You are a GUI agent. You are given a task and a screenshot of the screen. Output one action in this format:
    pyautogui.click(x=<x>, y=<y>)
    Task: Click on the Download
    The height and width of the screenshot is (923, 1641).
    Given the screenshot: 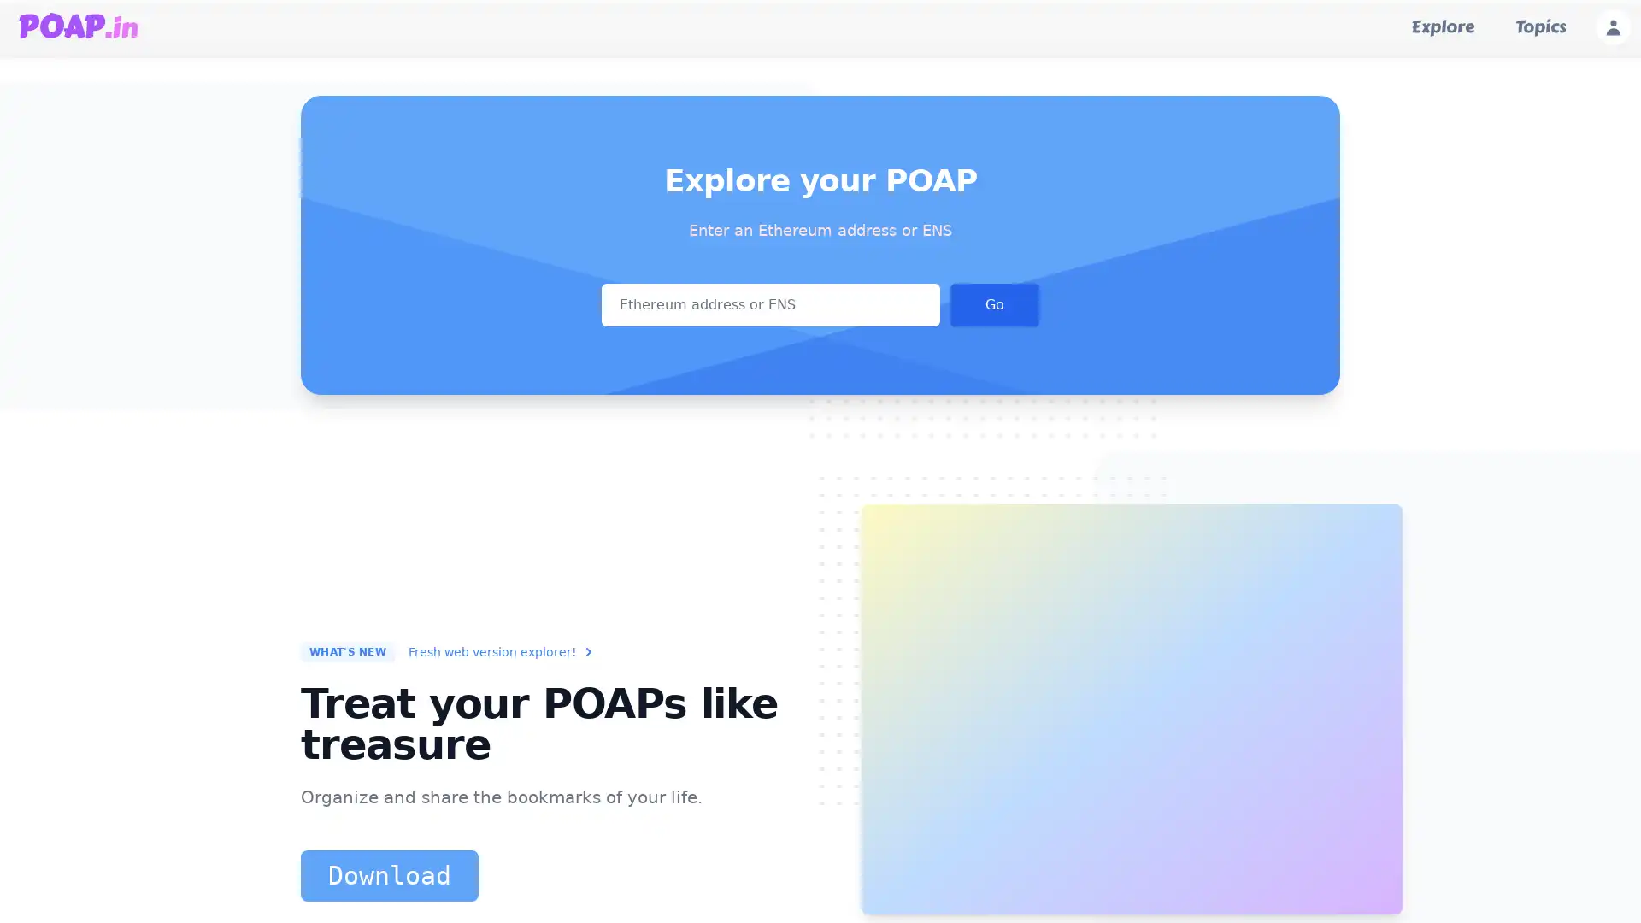 What is the action you would take?
    pyautogui.click(x=389, y=876)
    